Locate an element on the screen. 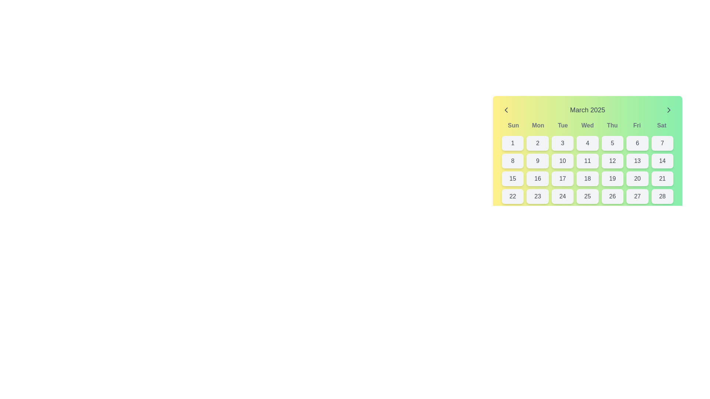 The height and width of the screenshot is (399, 710). the navigation button located on the far right side of the header section of the calendar interface to move to the next month is located at coordinates (669, 110).